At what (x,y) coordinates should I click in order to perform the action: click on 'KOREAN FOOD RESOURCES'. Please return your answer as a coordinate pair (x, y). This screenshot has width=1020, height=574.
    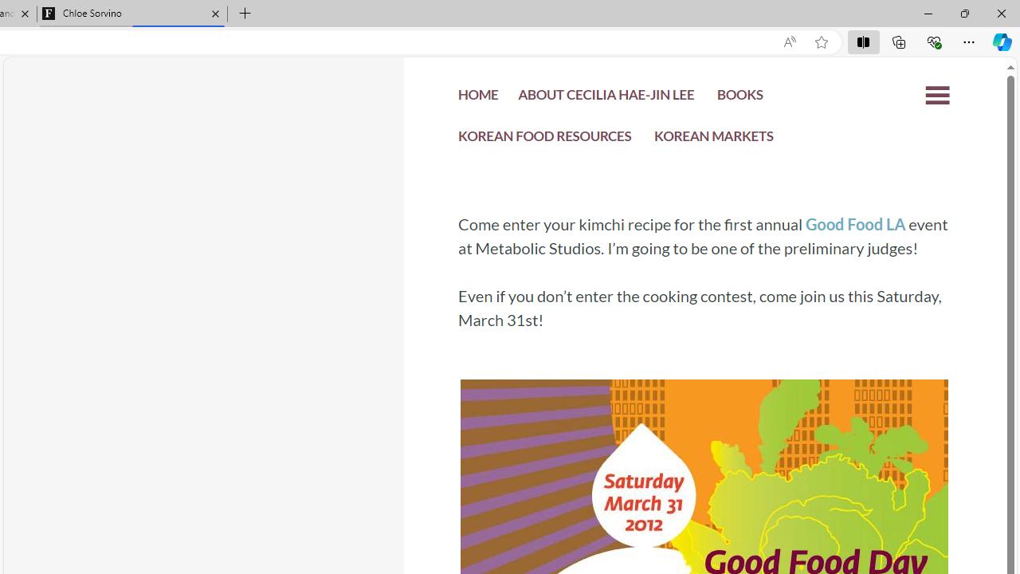
    Looking at the image, I should click on (545, 137).